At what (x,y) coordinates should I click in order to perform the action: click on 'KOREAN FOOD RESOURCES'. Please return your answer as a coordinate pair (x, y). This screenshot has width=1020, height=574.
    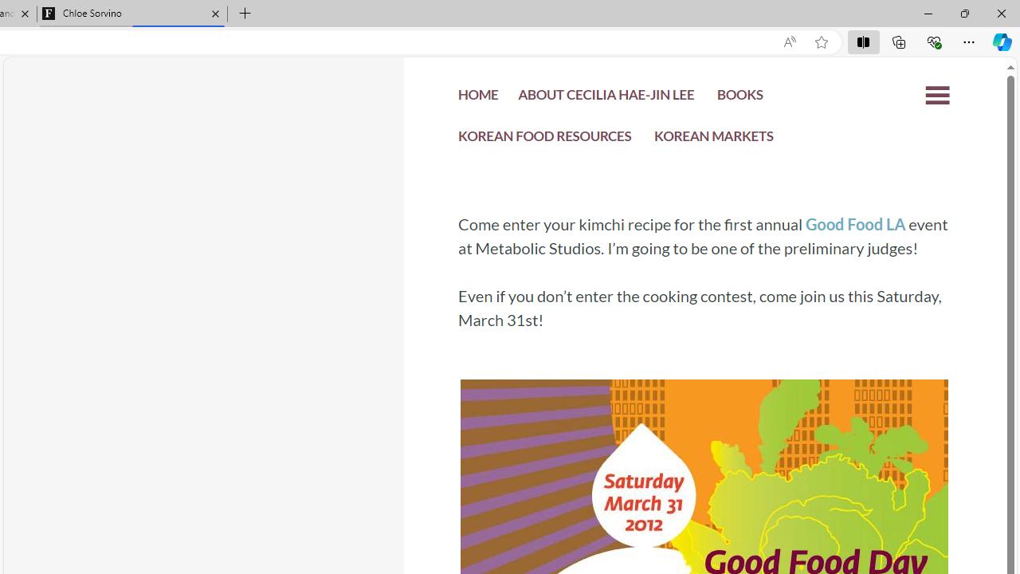
    Looking at the image, I should click on (545, 137).